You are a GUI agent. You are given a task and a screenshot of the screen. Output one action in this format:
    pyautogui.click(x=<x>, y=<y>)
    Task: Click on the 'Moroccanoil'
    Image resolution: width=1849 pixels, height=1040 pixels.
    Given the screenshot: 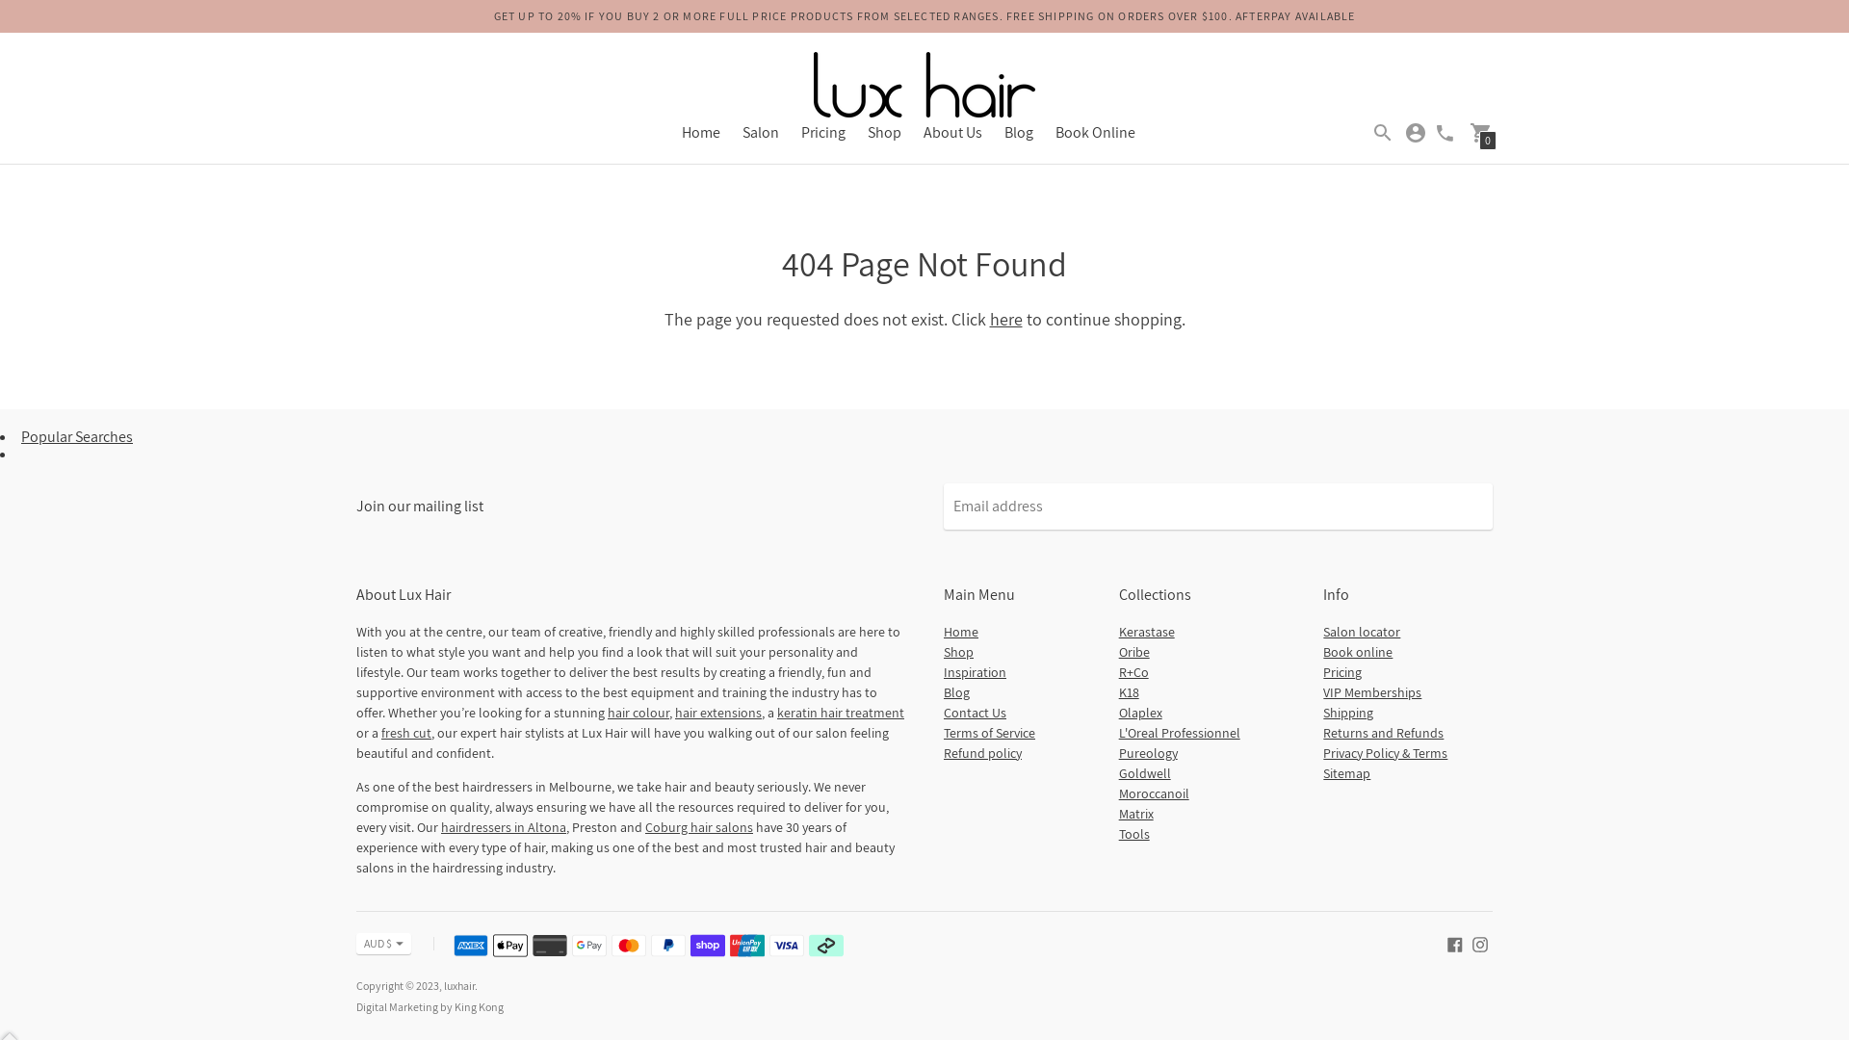 What is the action you would take?
    pyautogui.click(x=1154, y=793)
    